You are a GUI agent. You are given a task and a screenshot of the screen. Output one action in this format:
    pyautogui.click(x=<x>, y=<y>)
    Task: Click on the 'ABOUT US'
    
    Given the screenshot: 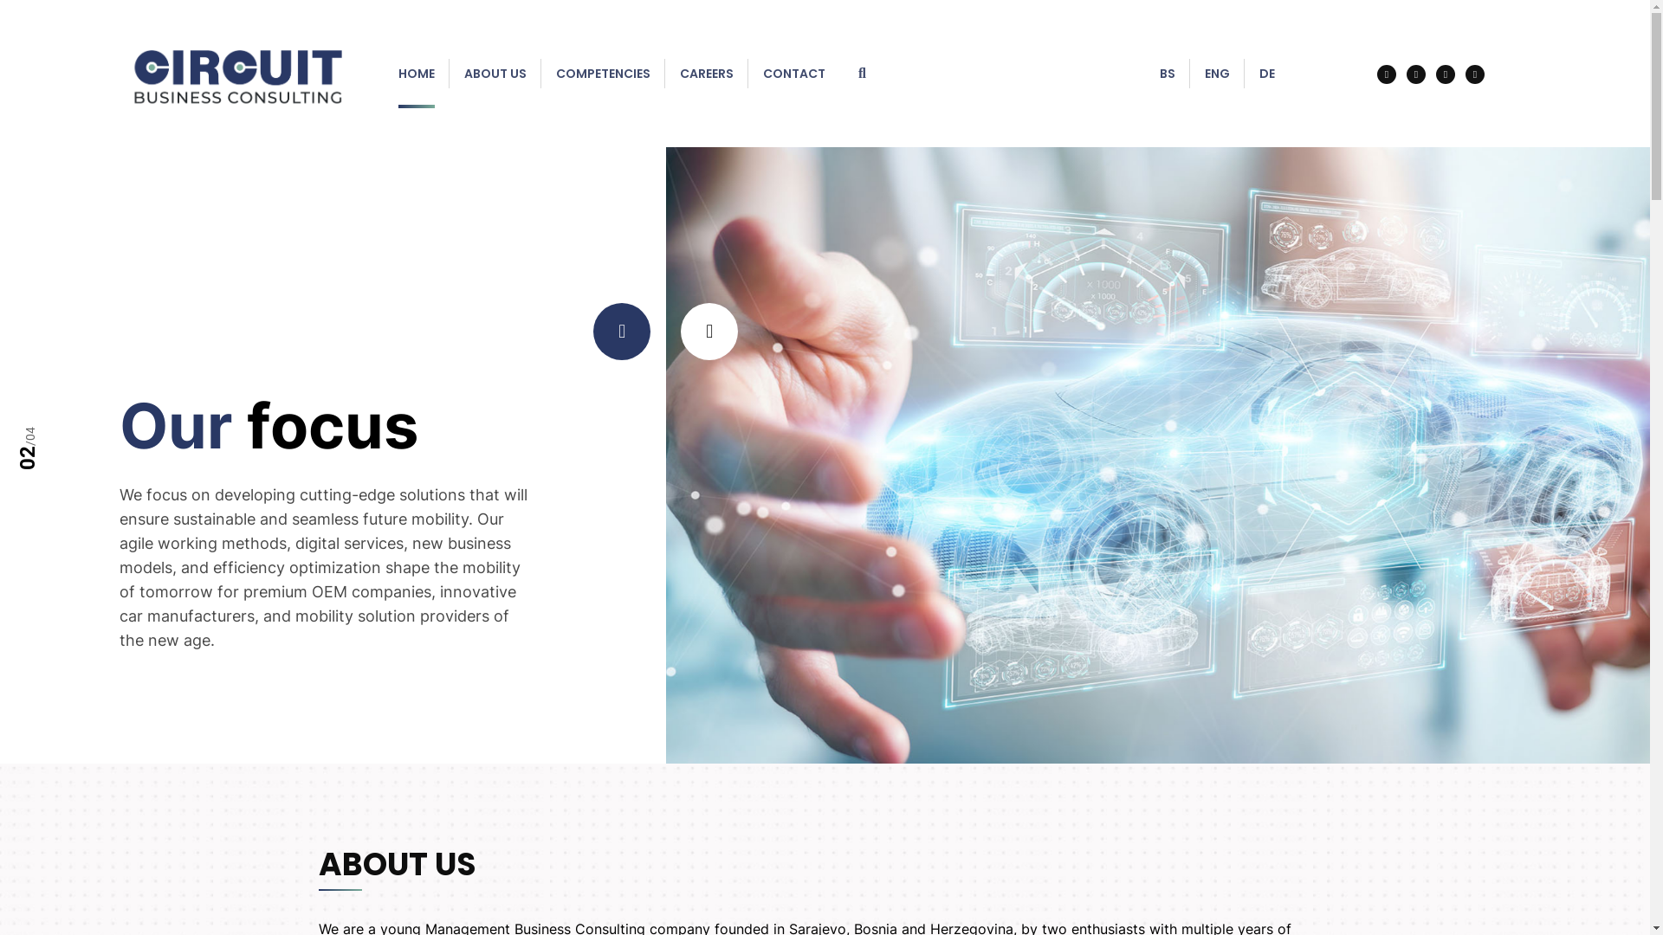 What is the action you would take?
    pyautogui.click(x=494, y=72)
    